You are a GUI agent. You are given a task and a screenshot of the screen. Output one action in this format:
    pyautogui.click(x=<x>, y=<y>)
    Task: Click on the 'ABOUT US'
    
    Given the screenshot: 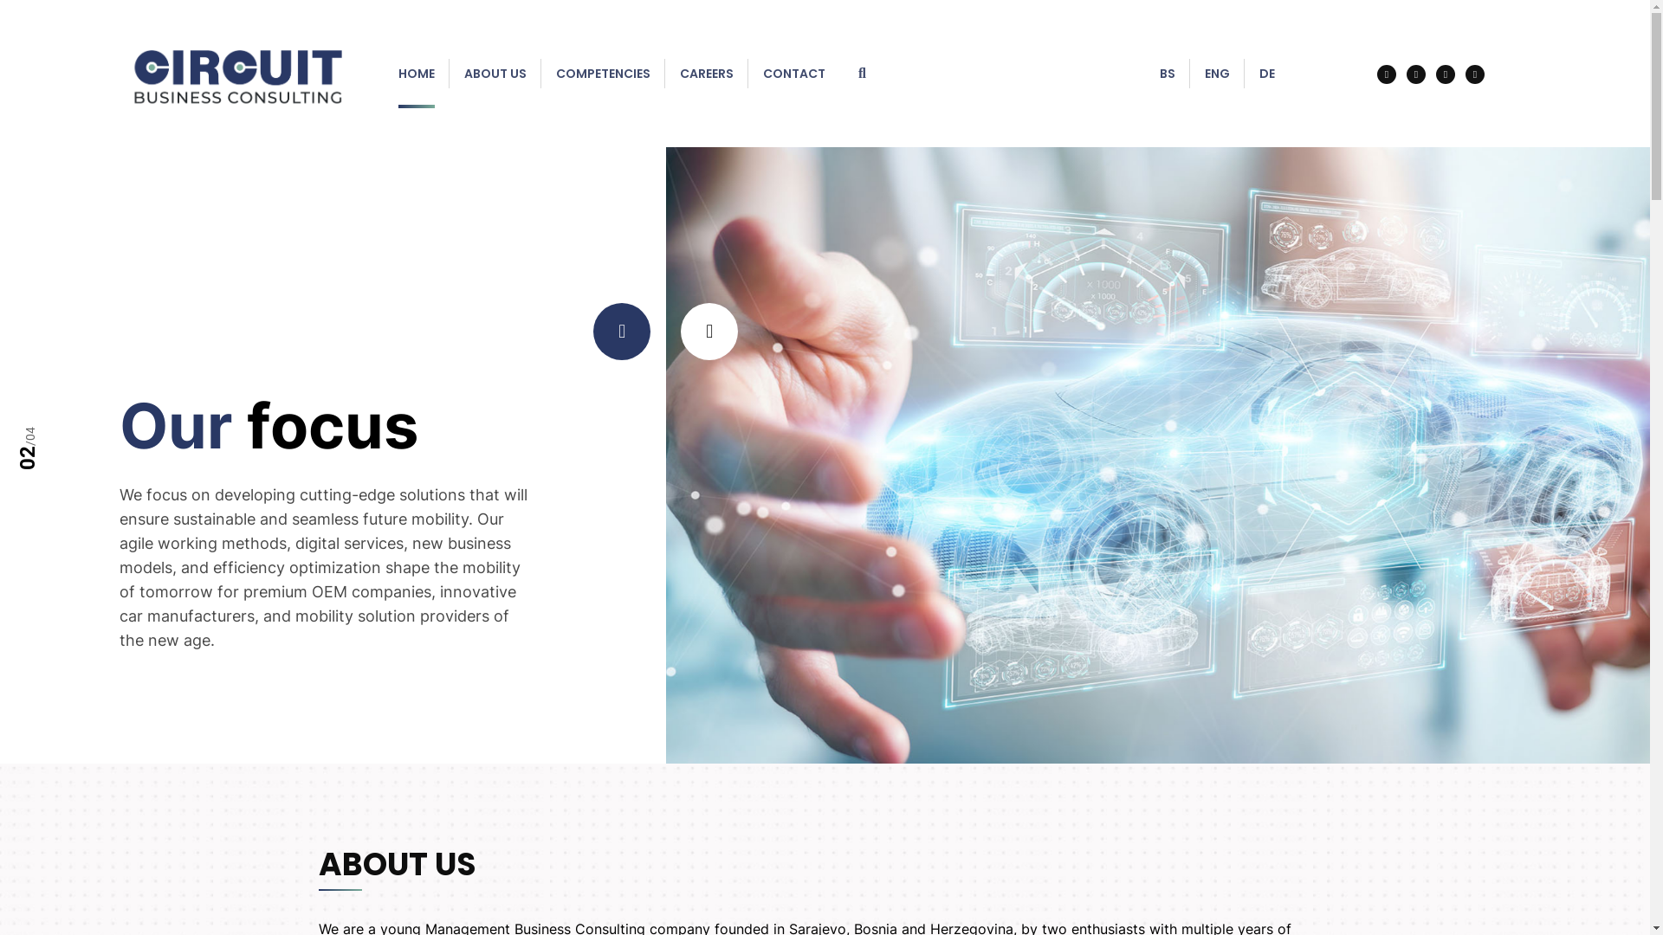 What is the action you would take?
    pyautogui.click(x=494, y=72)
    